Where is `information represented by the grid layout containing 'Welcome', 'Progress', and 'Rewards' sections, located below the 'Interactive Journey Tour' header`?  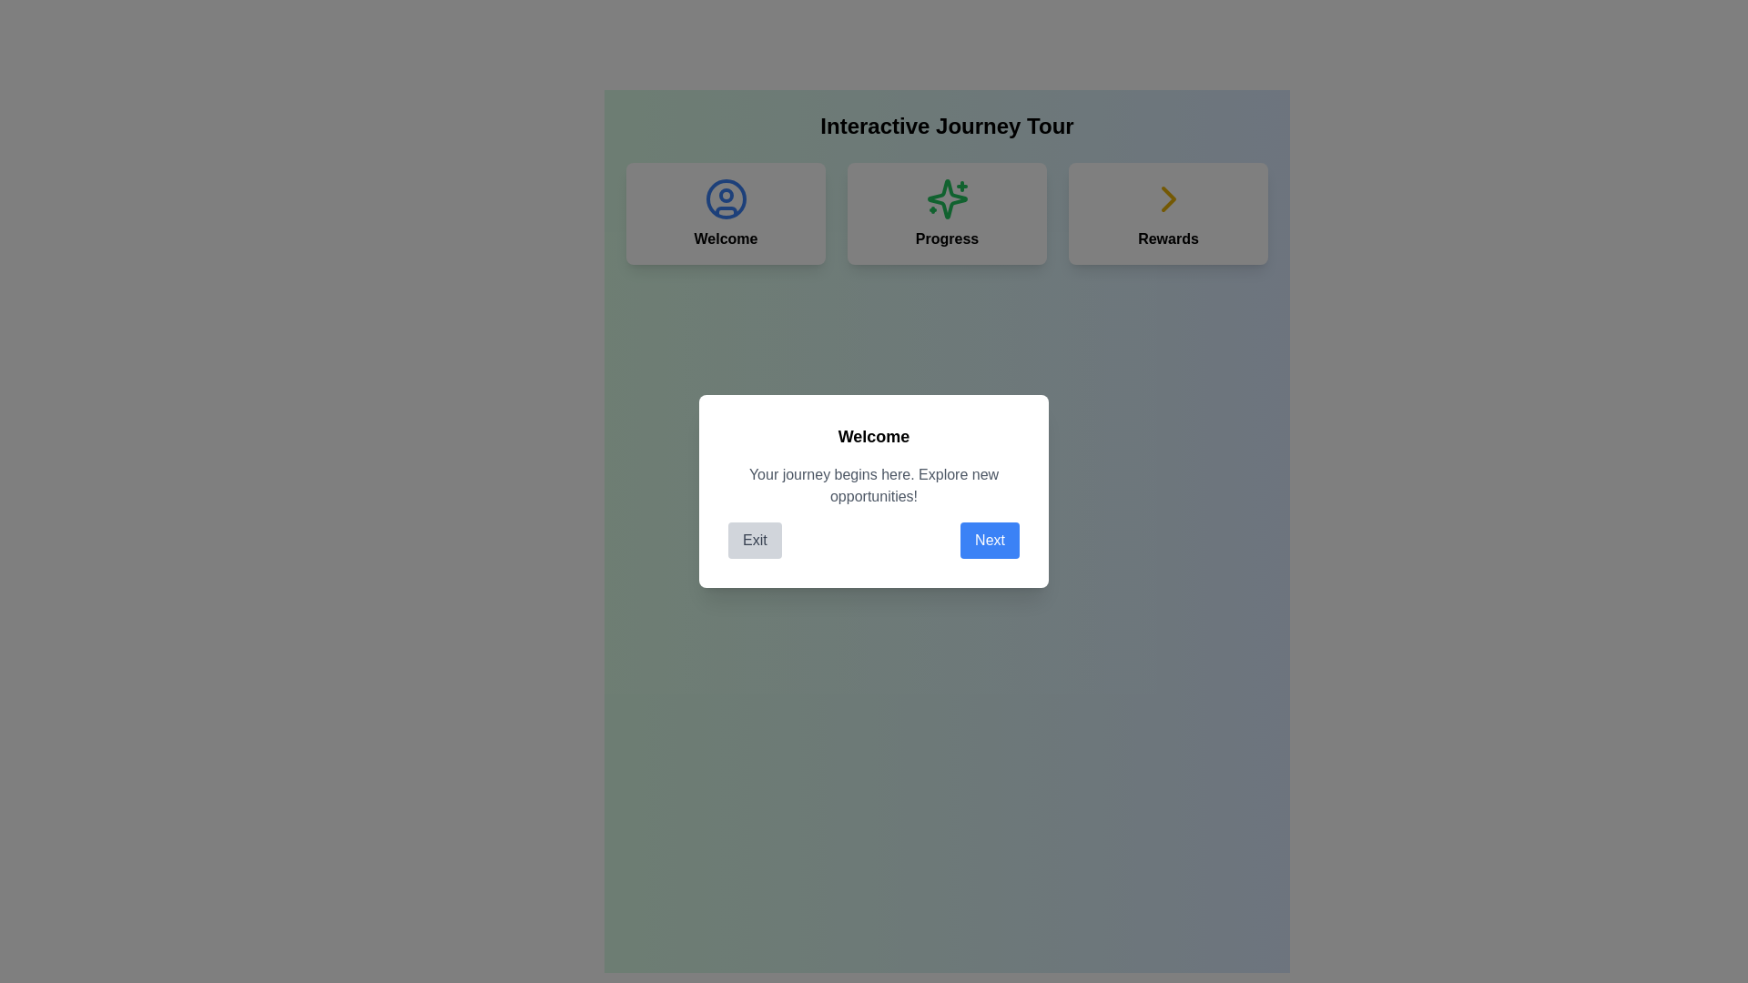
information represented by the grid layout containing 'Welcome', 'Progress', and 'Rewards' sections, located below the 'Interactive Journey Tour' header is located at coordinates (947, 213).